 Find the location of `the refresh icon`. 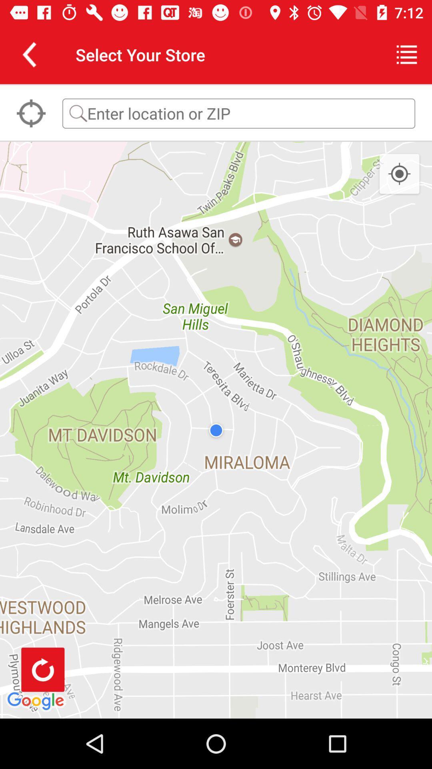

the refresh icon is located at coordinates (43, 669).